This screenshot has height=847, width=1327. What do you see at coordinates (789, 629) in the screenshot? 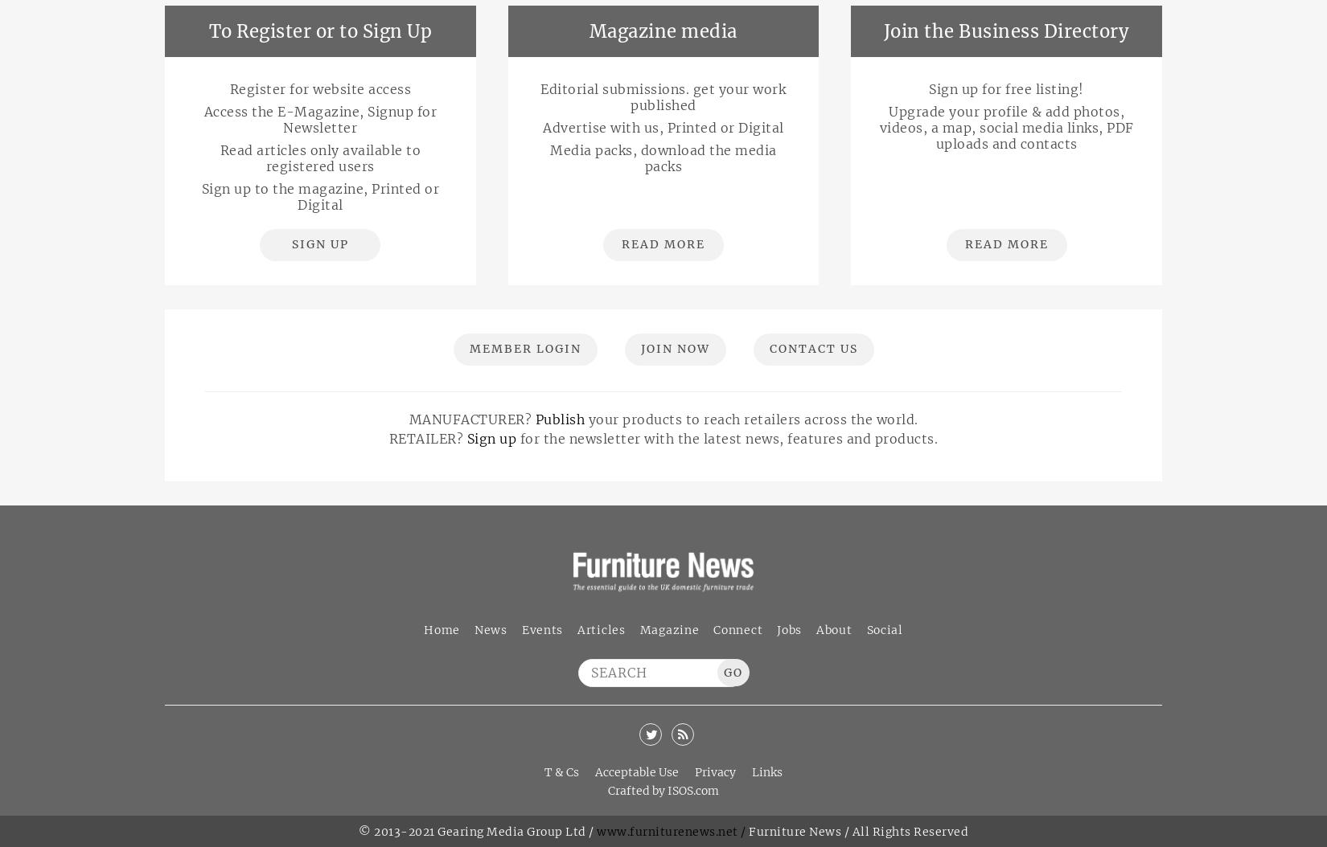
I see `'Jobs'` at bounding box center [789, 629].